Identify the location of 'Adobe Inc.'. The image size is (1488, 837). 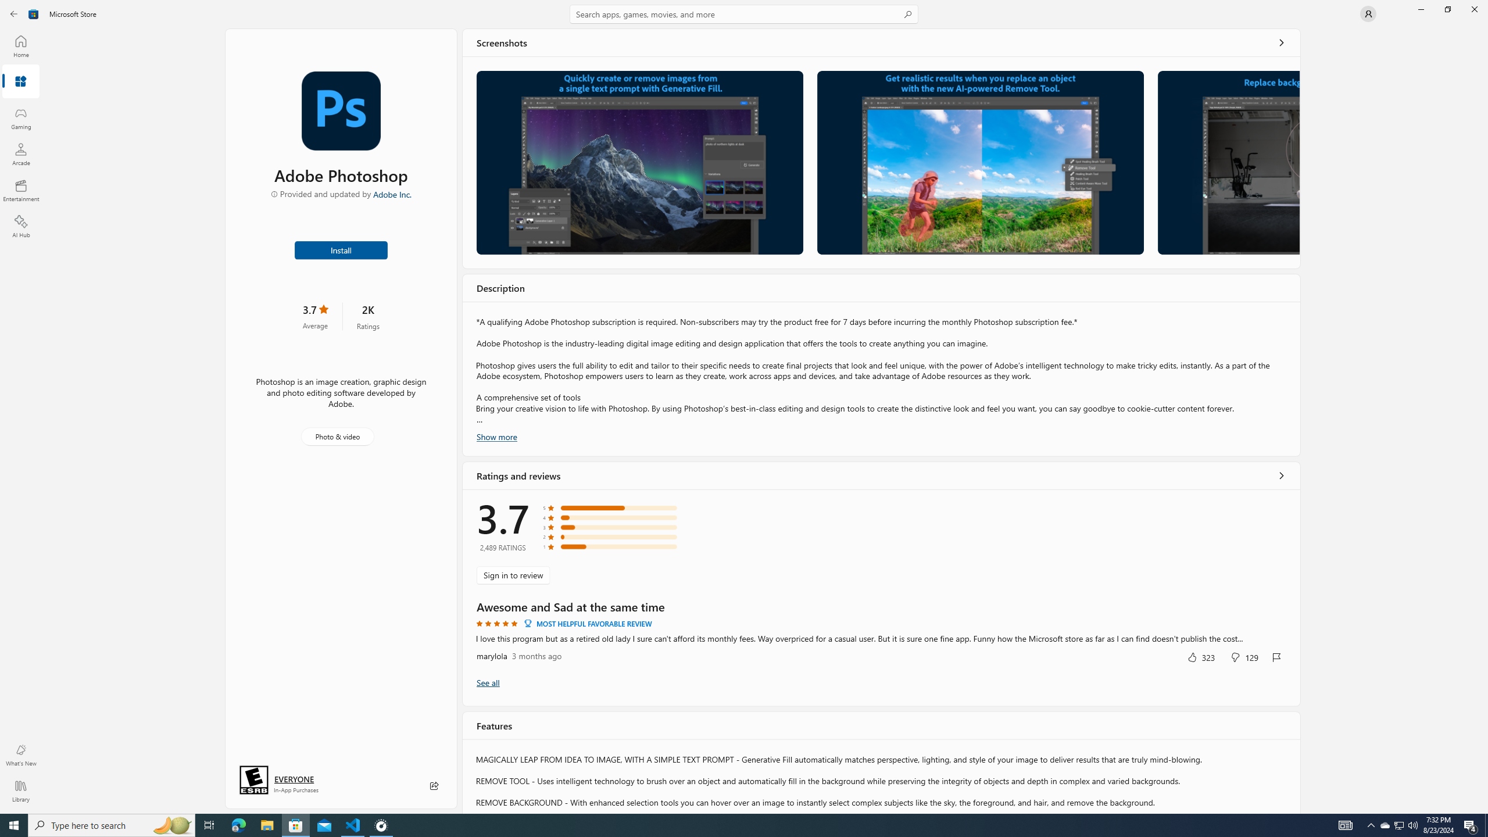
(392, 194).